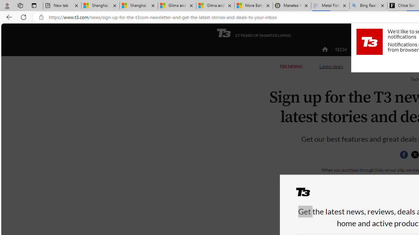 This screenshot has height=235, width=419. I want to click on 'Latest deals', so click(331, 67).